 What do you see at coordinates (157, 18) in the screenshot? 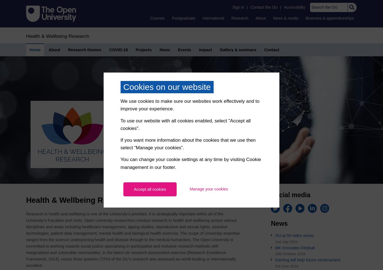
I see `'Courses'` at bounding box center [157, 18].